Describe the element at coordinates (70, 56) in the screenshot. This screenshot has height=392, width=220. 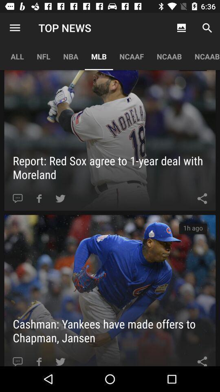
I see `icon next to mlb app` at that location.